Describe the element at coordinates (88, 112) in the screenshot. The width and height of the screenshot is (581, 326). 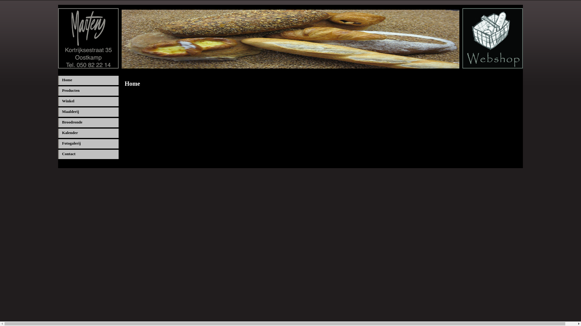
I see `'Maalderij'` at that location.